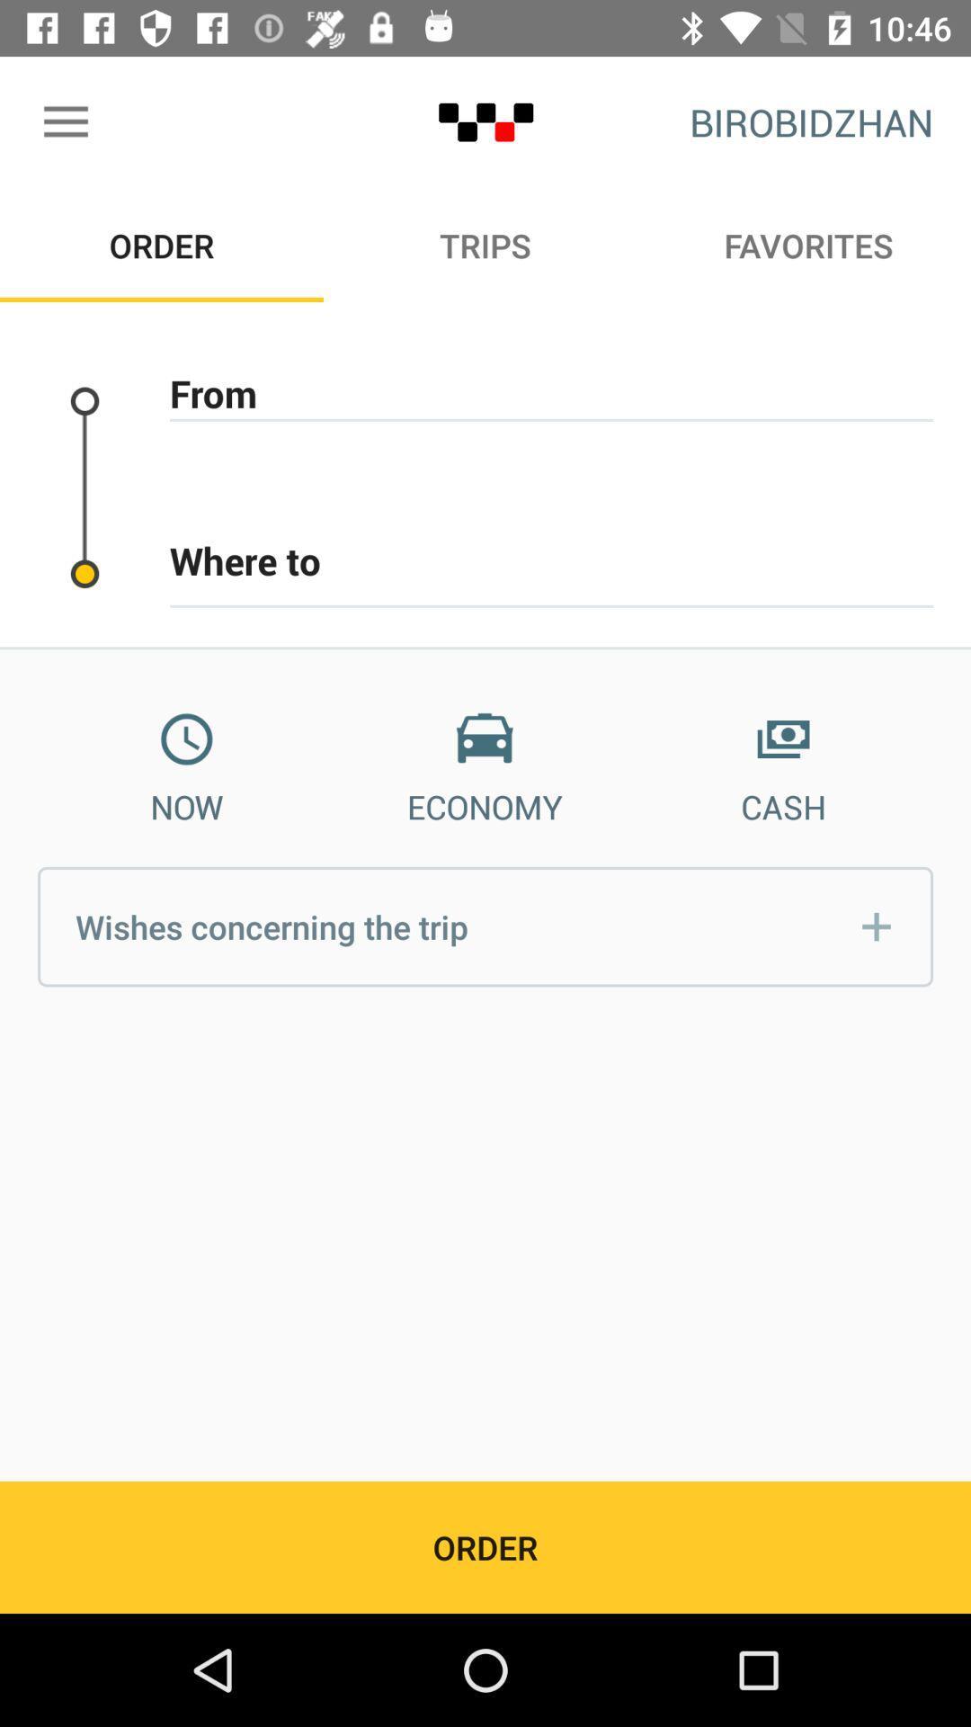 The height and width of the screenshot is (1727, 971). What do you see at coordinates (485, 121) in the screenshot?
I see `the image beside the menu` at bounding box center [485, 121].